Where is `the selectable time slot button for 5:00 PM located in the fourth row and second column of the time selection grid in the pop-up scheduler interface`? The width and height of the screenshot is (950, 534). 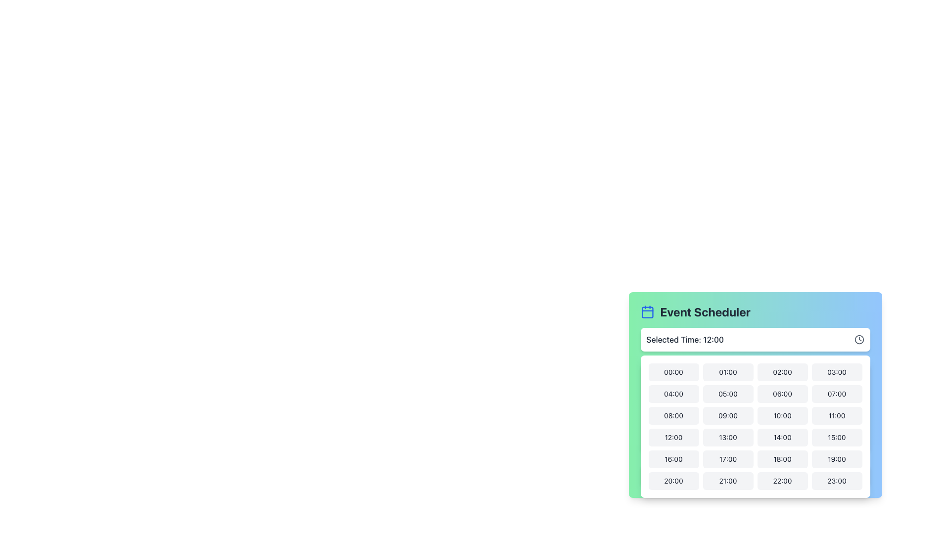
the selectable time slot button for 5:00 PM located in the fourth row and second column of the time selection grid in the pop-up scheduler interface is located at coordinates (728, 459).